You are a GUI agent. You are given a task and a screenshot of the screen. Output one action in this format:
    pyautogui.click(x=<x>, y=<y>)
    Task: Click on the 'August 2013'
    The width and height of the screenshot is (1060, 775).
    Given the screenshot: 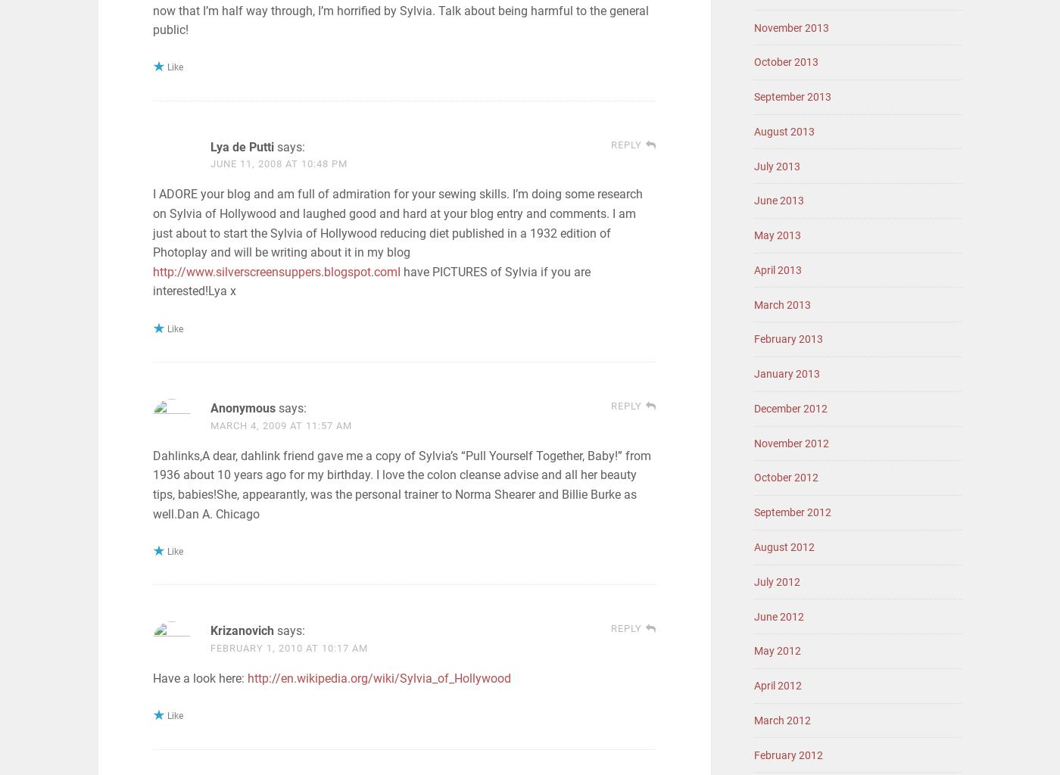 What is the action you would take?
    pyautogui.click(x=784, y=130)
    